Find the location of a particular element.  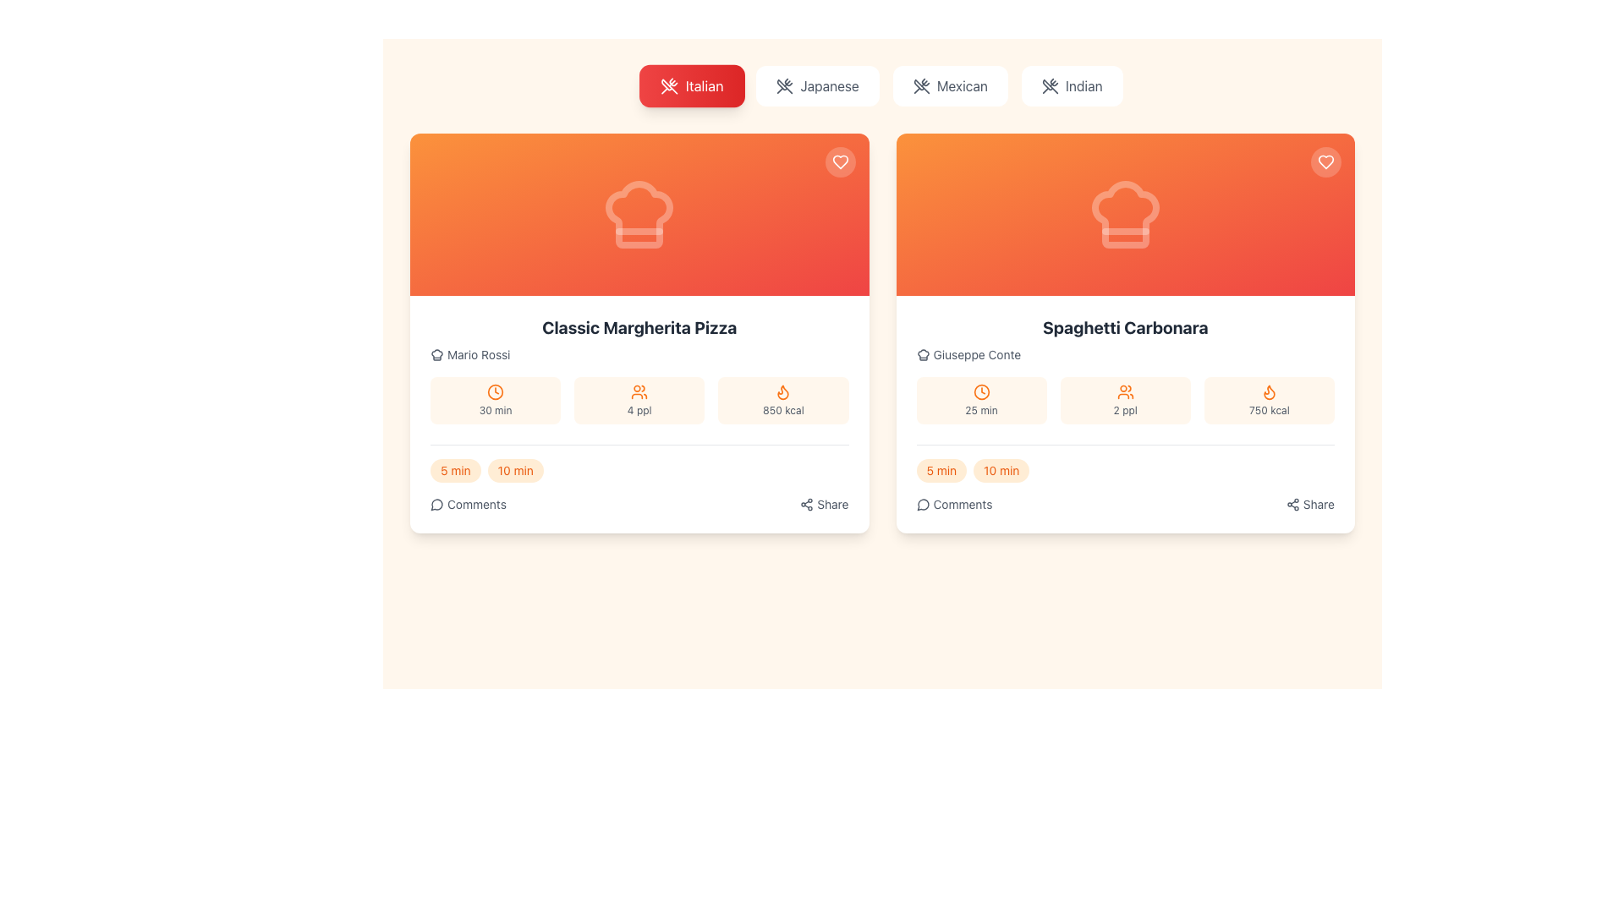

the decorative icon (SVG) at the start of the 'Mexican' button, which visually represents the Mexican cuisine category is located at coordinates (920, 85).